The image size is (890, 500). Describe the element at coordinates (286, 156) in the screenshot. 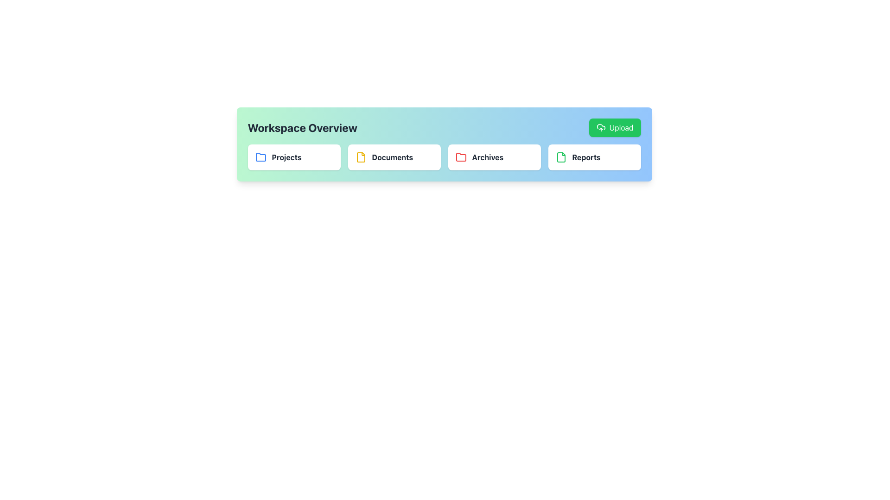

I see `the bold text label reading 'Projects' located to the right of the blue folder icon in the Workspace Overview section` at that location.